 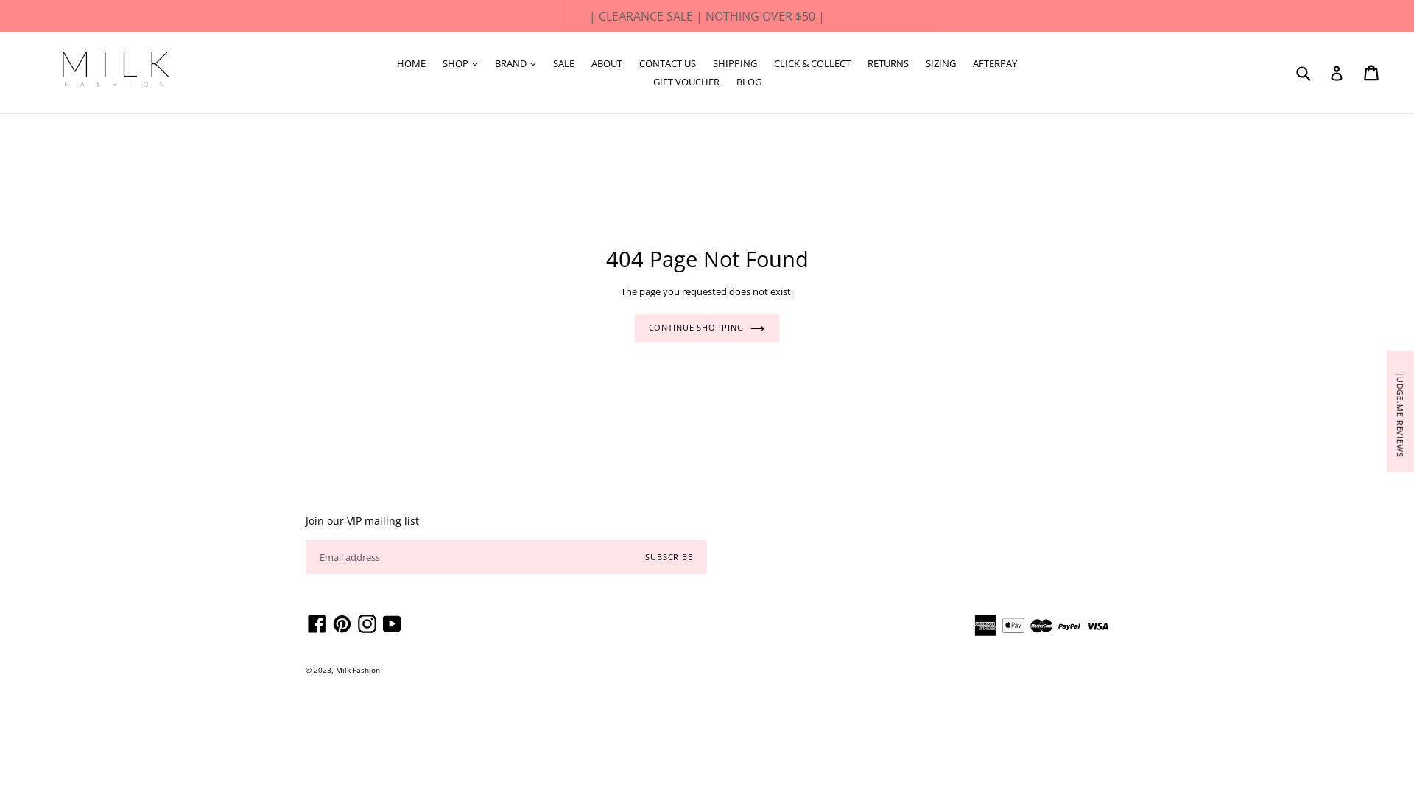 I want to click on 'Instagram', so click(x=367, y=623).